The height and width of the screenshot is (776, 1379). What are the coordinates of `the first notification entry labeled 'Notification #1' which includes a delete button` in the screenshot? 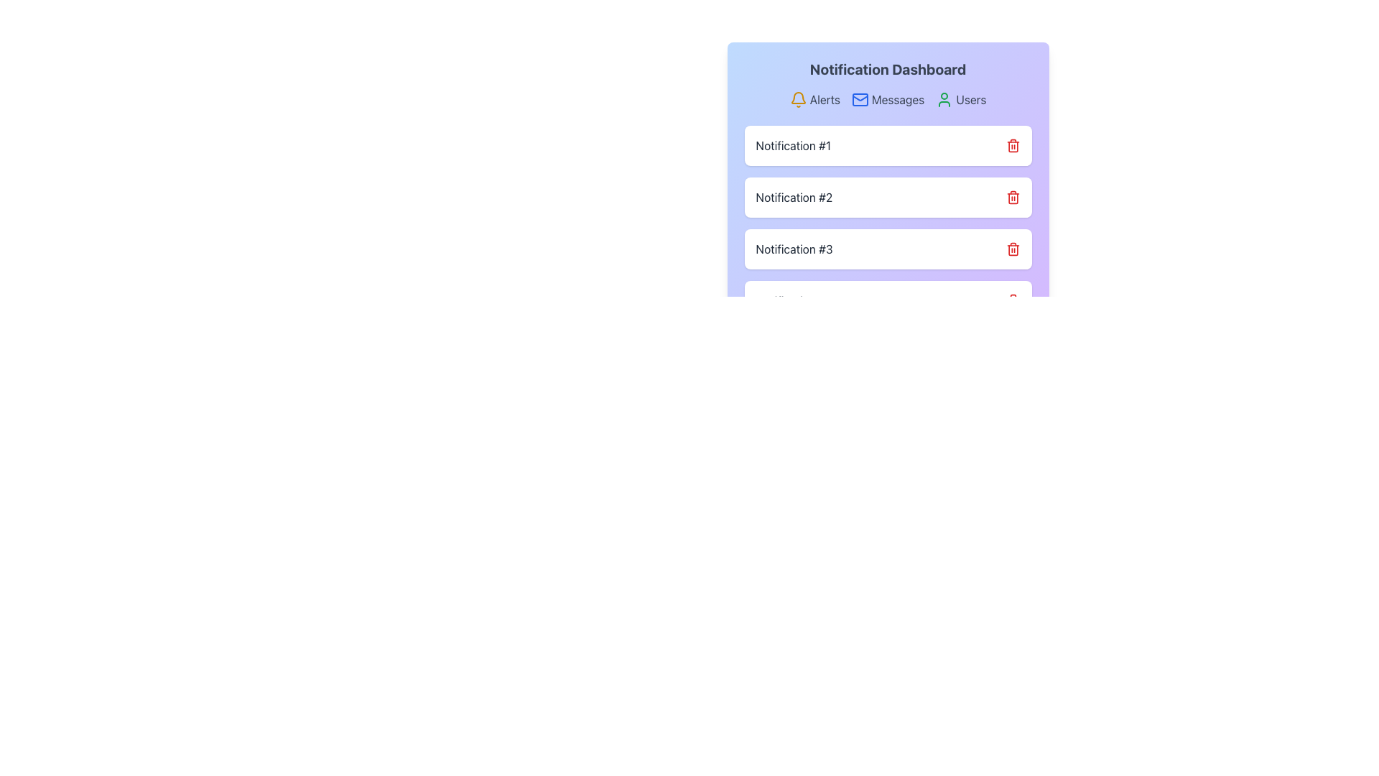 It's located at (887, 146).